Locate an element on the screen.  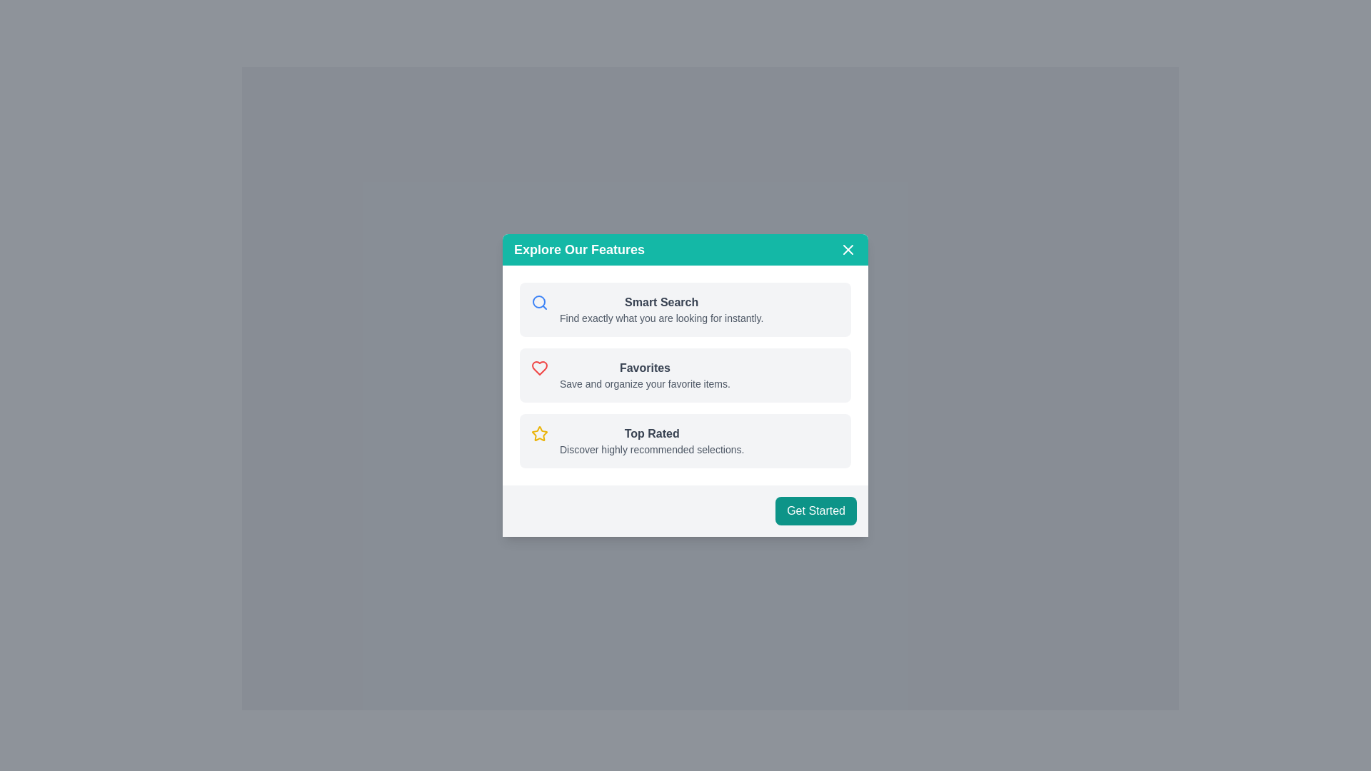
the 'Favorites' icon, which represents a feature allowing users is located at coordinates (538, 368).